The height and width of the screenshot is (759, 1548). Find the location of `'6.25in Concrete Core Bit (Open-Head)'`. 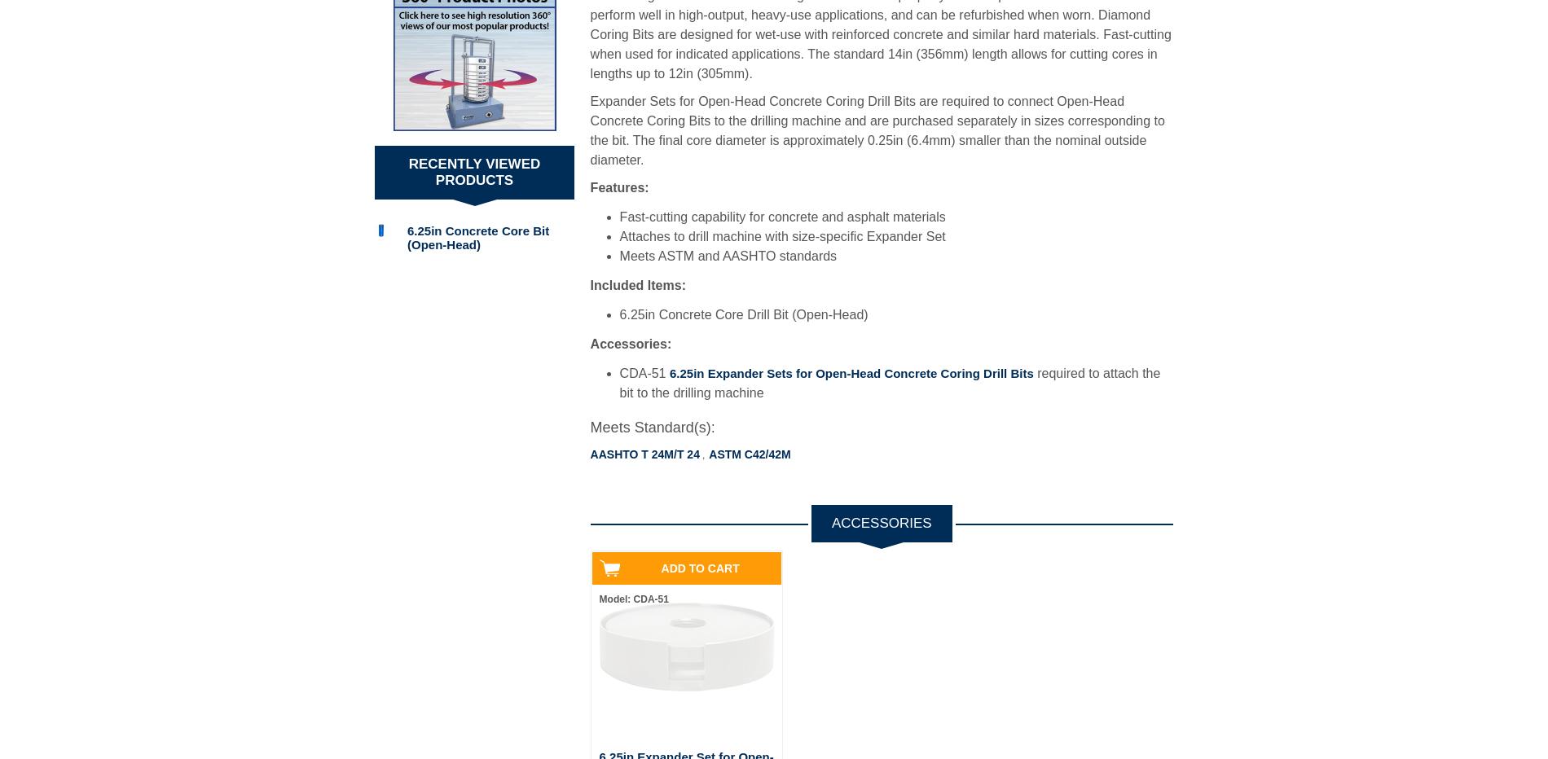

'6.25in Concrete Core Bit (Open-Head)' is located at coordinates (477, 236).